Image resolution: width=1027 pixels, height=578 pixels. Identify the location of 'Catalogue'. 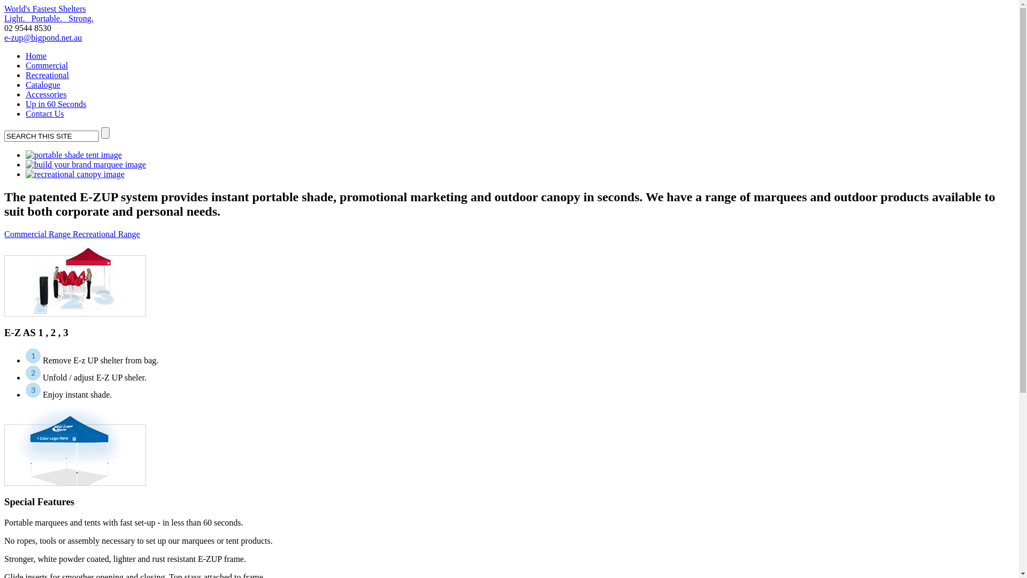
(43, 84).